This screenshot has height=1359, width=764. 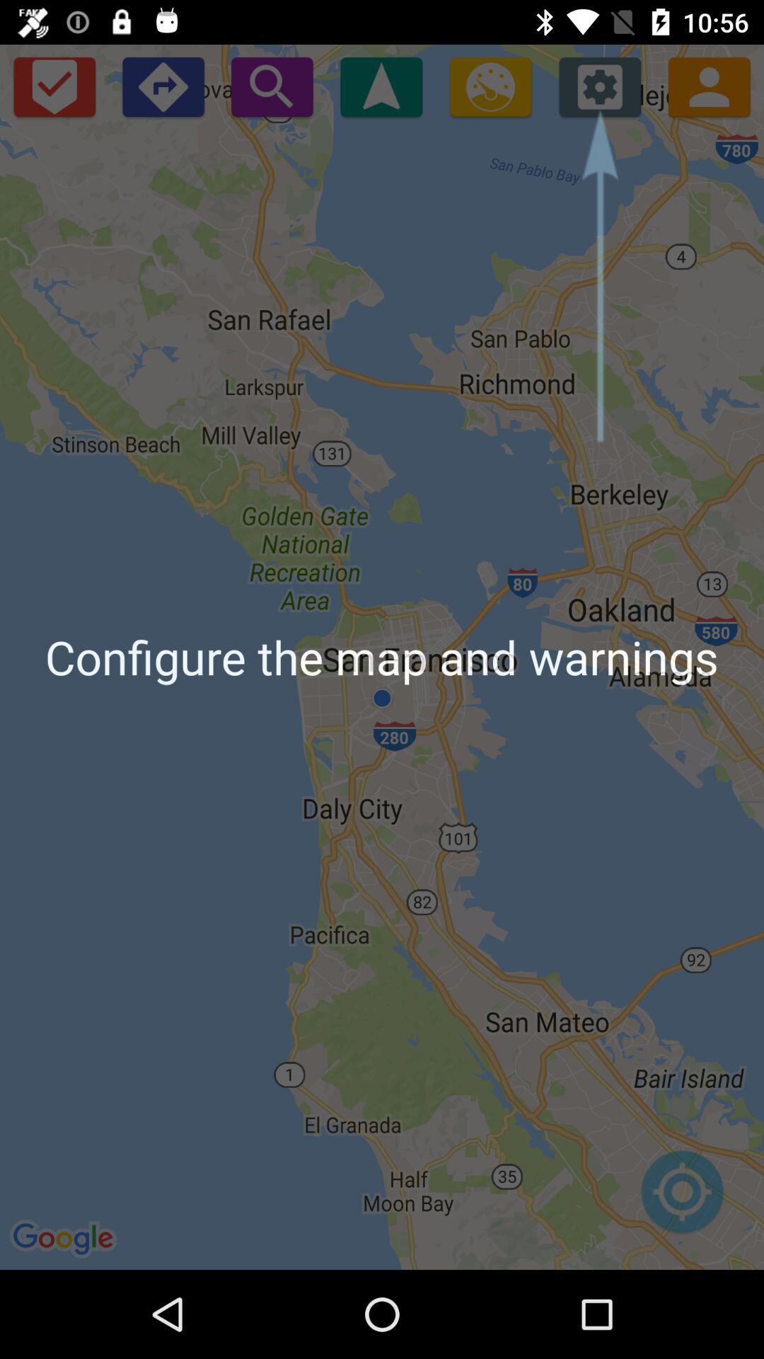 What do you see at coordinates (709, 86) in the screenshot?
I see `item above the configure the map item` at bounding box center [709, 86].